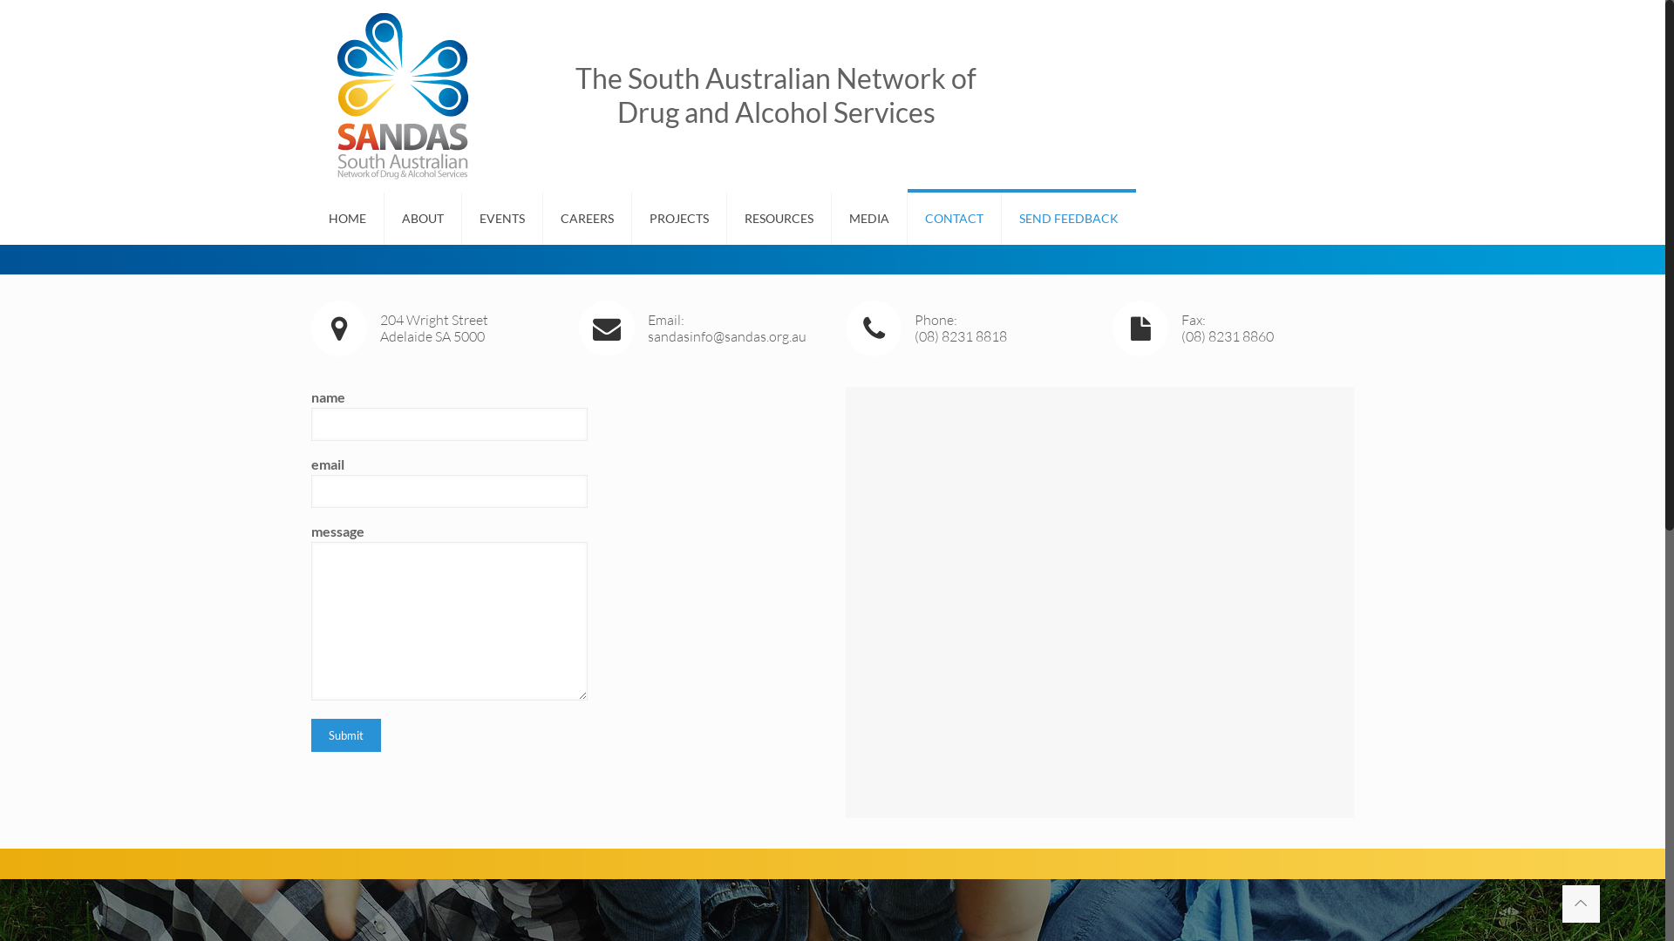 The width and height of the screenshot is (1674, 941). What do you see at coordinates (346, 735) in the screenshot?
I see `'Submit'` at bounding box center [346, 735].